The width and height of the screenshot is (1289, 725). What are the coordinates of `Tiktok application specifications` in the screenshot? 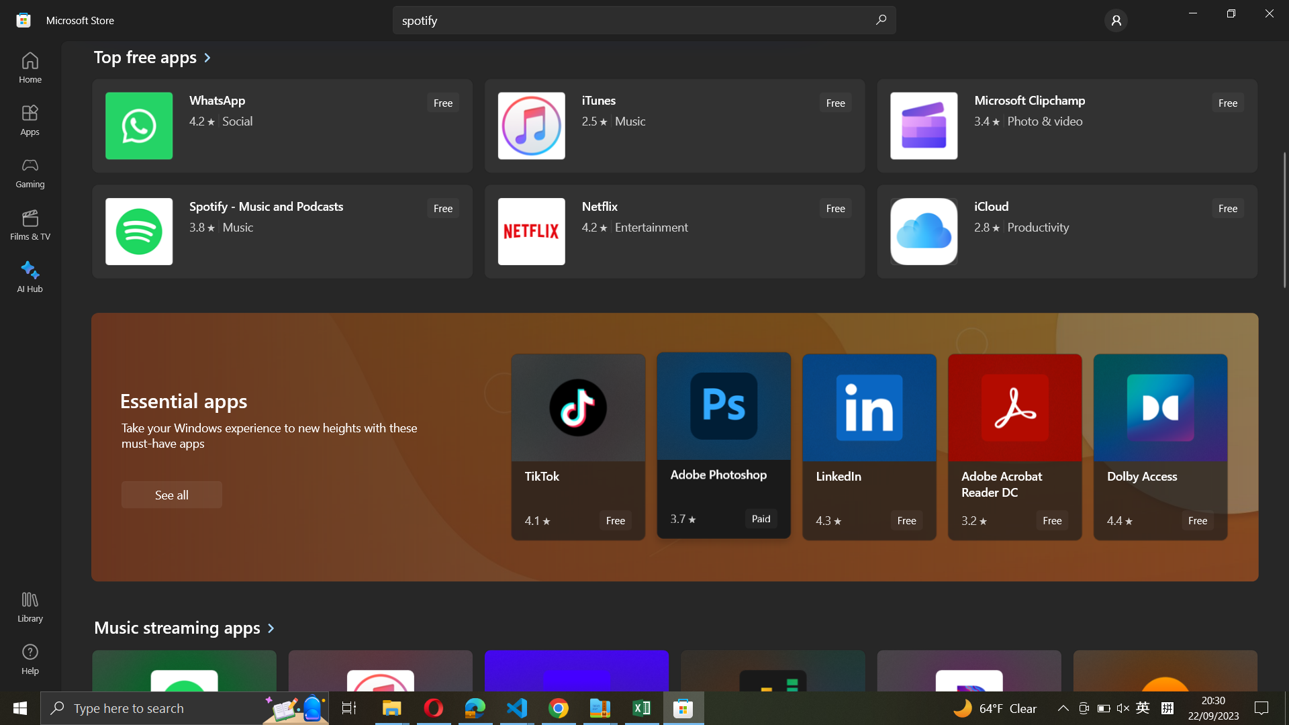 It's located at (577, 447).